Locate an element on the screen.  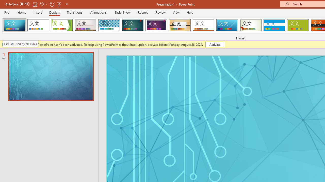
'FadeVTI' is located at coordinates (14, 25).